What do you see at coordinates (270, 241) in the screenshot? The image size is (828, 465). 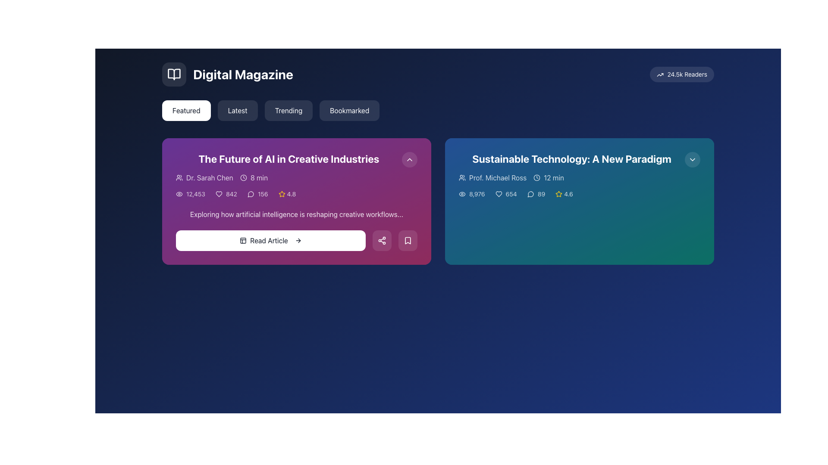 I see `the button labeled 'Read Article' that is centered within the card displaying information about 'The Future of AI in Creative Industries' to observe the hover effects` at bounding box center [270, 241].